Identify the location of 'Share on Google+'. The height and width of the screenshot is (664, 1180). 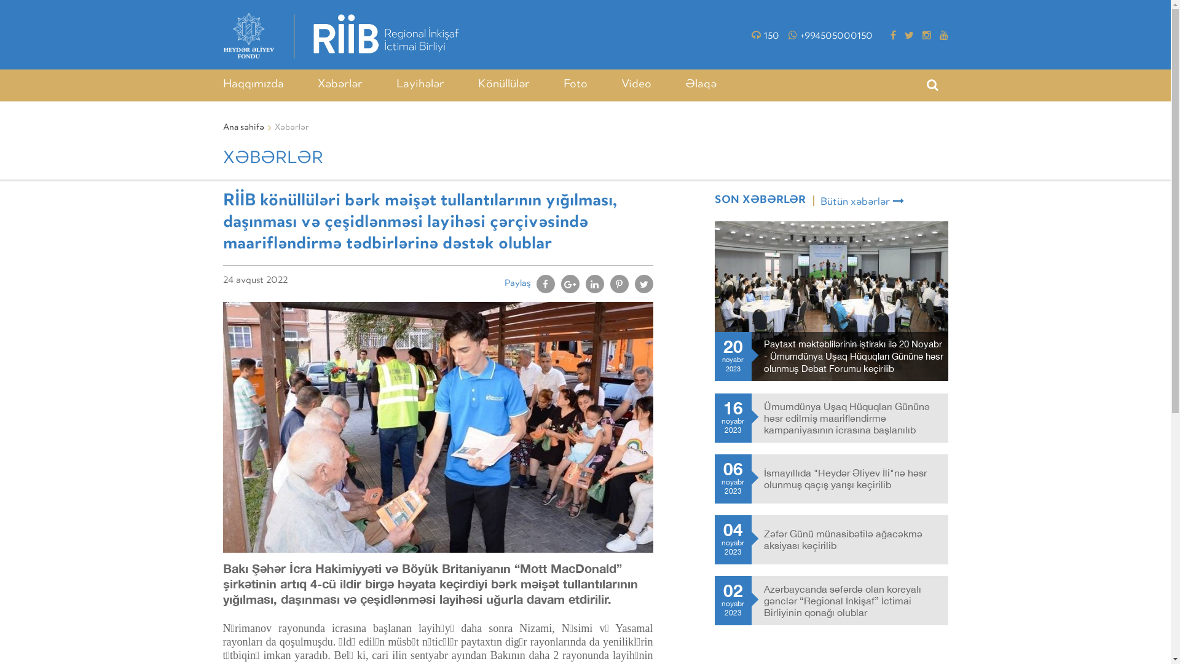
(560, 284).